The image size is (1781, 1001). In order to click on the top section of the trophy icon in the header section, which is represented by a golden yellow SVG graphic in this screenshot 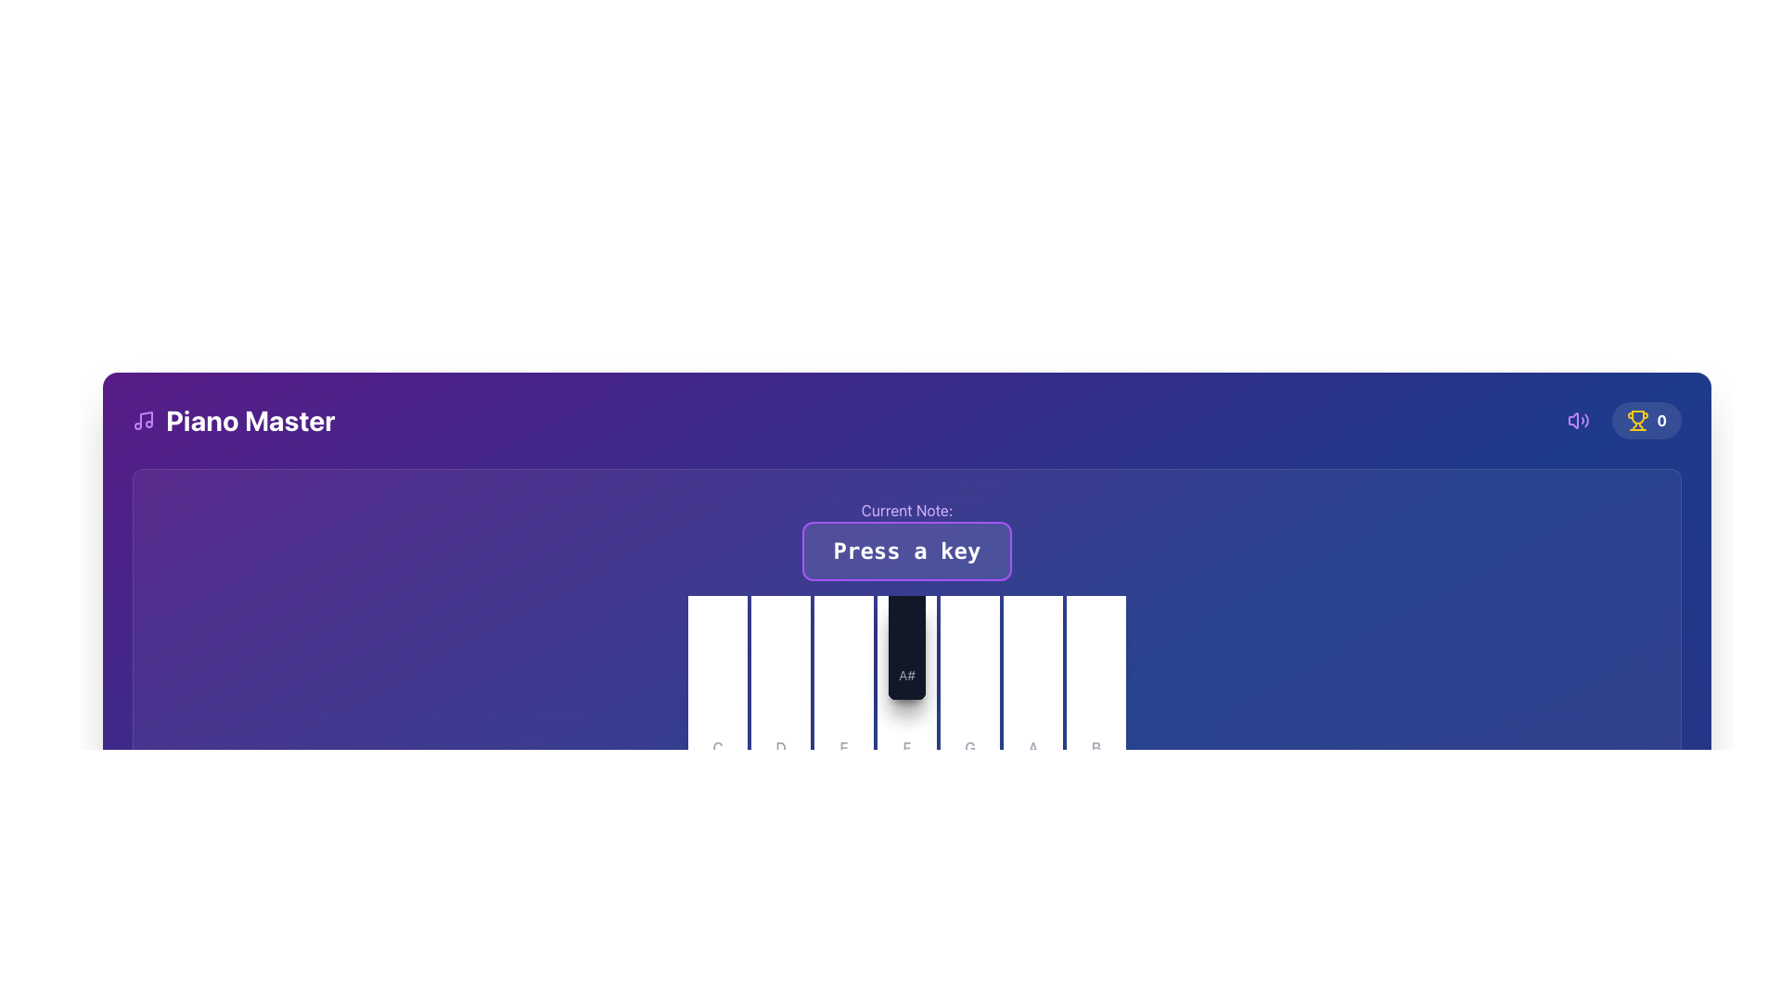, I will do `click(1638, 417)`.